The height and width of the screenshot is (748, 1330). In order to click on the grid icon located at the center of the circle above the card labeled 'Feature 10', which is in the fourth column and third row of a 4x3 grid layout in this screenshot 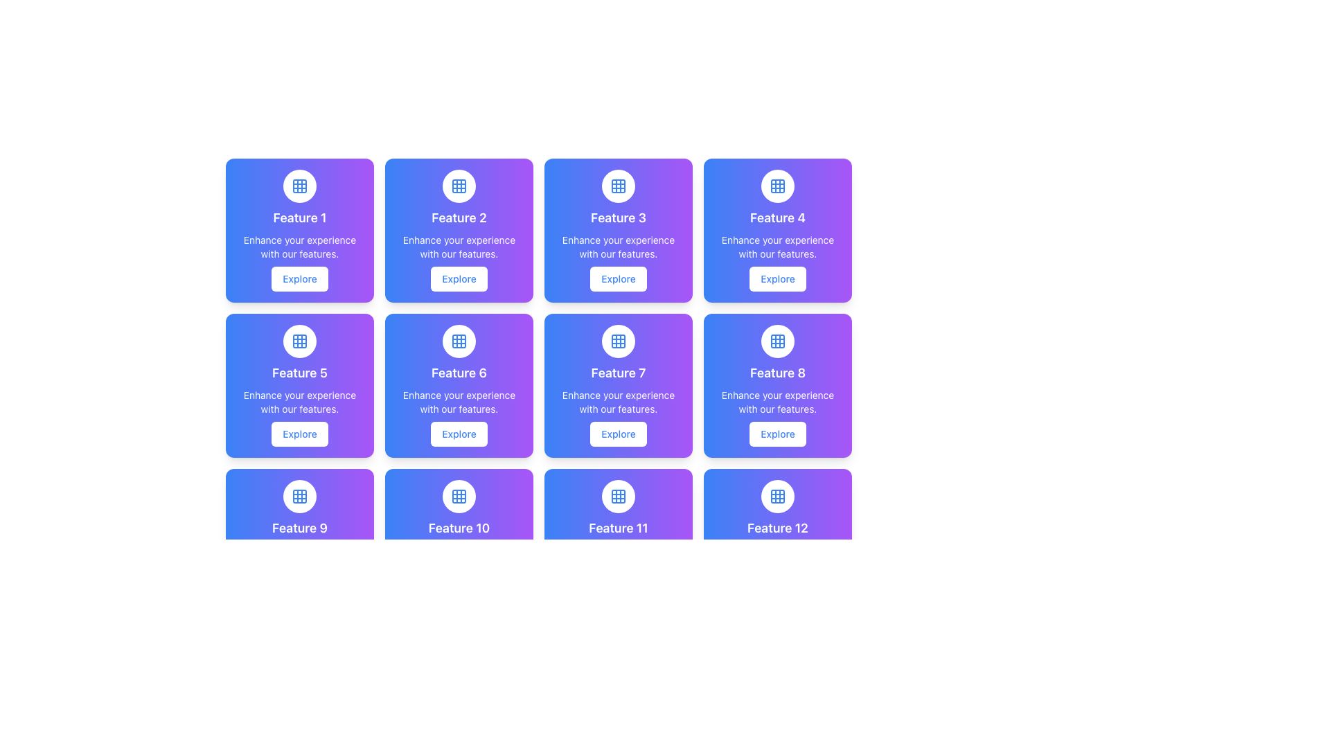, I will do `click(459, 496)`.